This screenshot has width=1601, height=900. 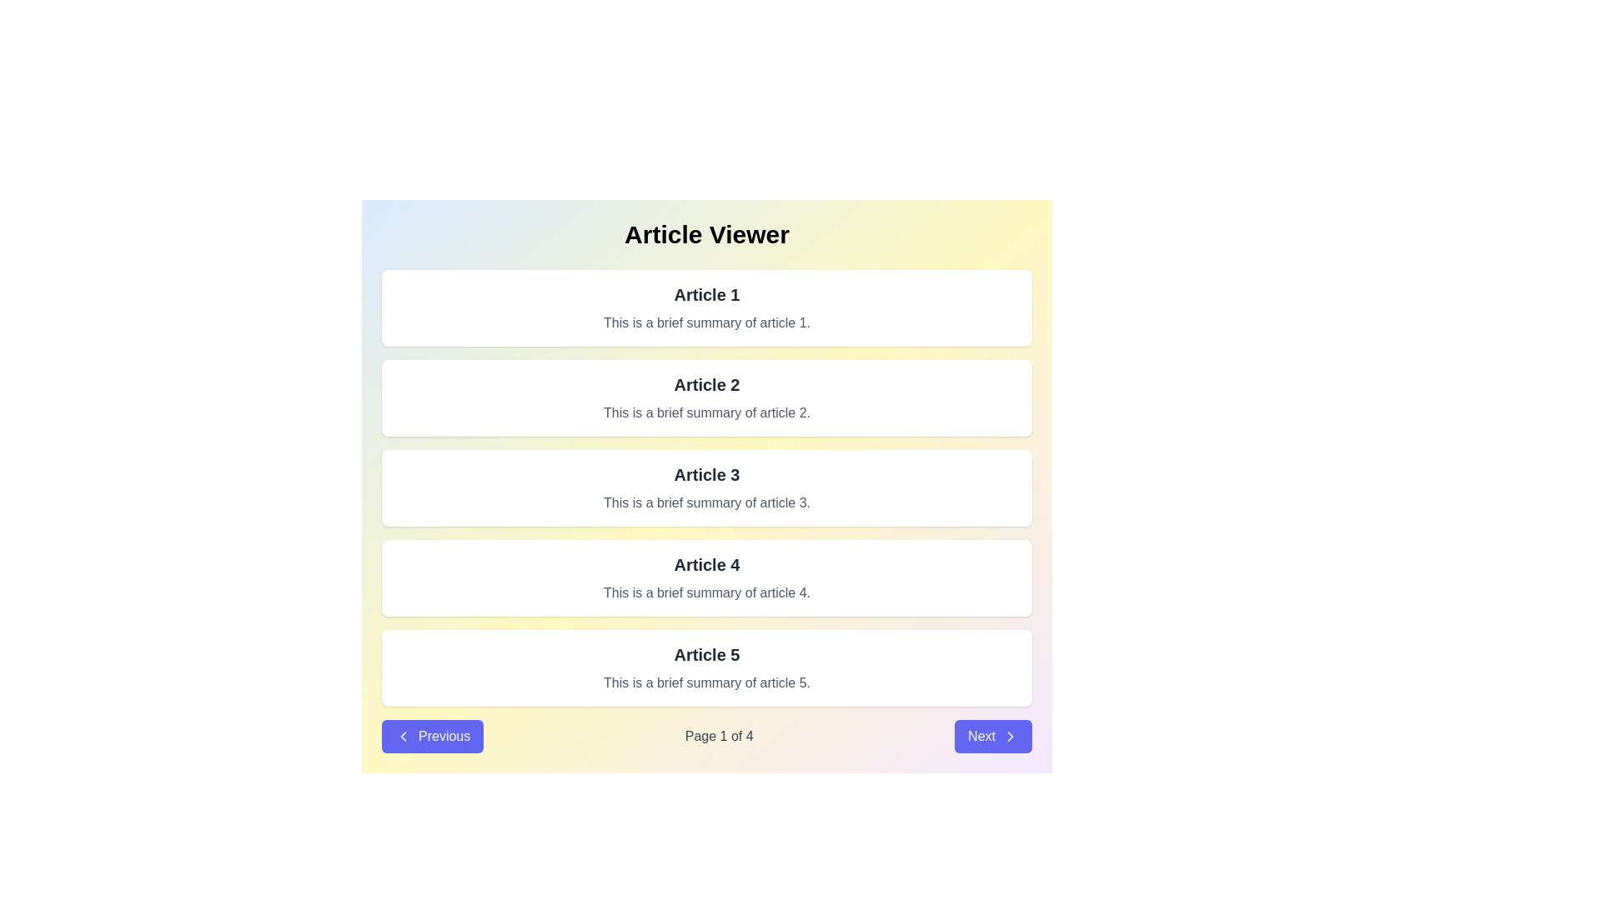 I want to click on the third card in the vertical list that displays an article title and summary, positioned between 'Article 2' and 'Article 4', so click(x=707, y=487).